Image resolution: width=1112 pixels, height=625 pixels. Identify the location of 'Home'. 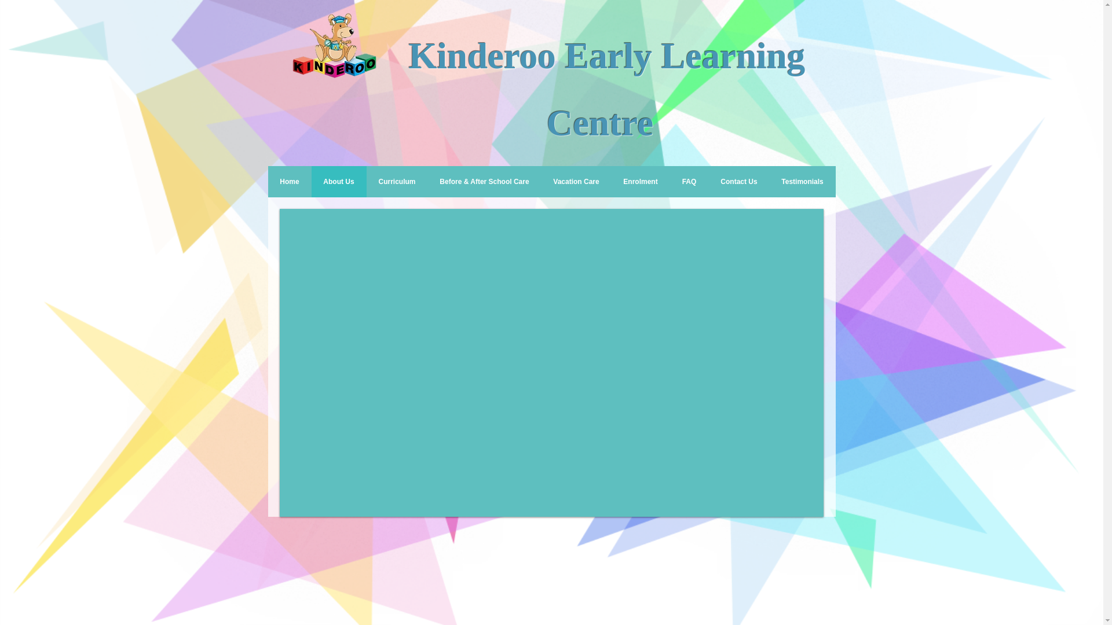
(266, 181).